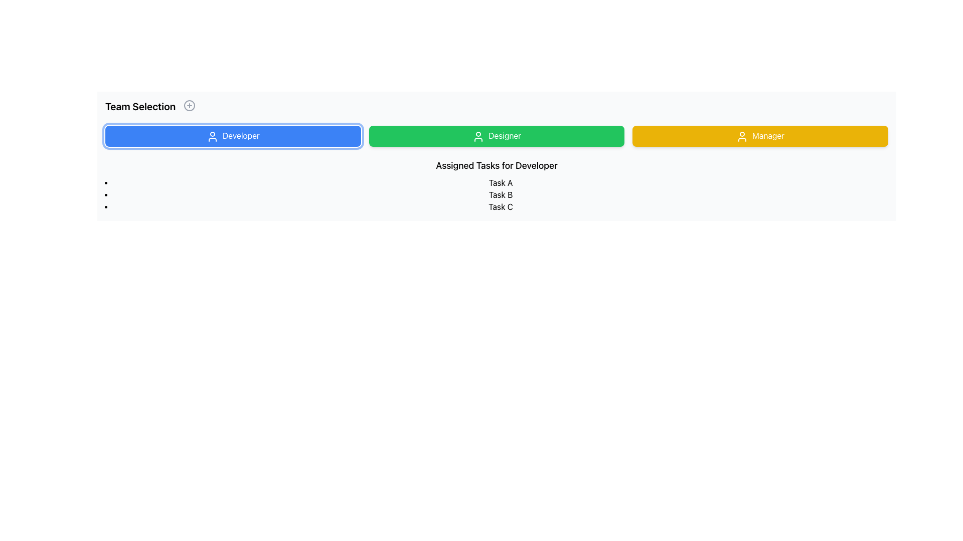  I want to click on the text label displaying 'Task C', which is the third item in a vertical list beneath the heading 'Assigned Tasks for Developer', so click(501, 206).